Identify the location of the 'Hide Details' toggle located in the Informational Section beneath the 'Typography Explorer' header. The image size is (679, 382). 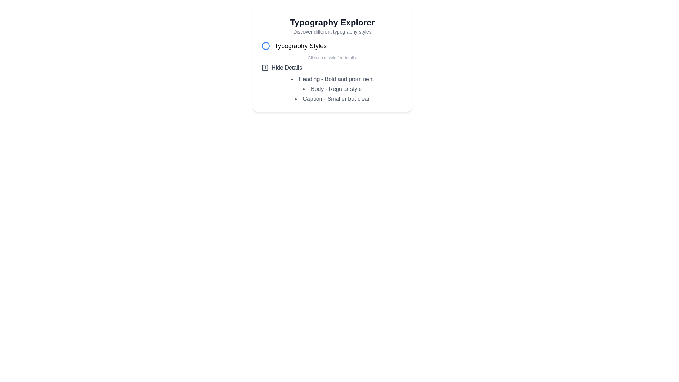
(332, 72).